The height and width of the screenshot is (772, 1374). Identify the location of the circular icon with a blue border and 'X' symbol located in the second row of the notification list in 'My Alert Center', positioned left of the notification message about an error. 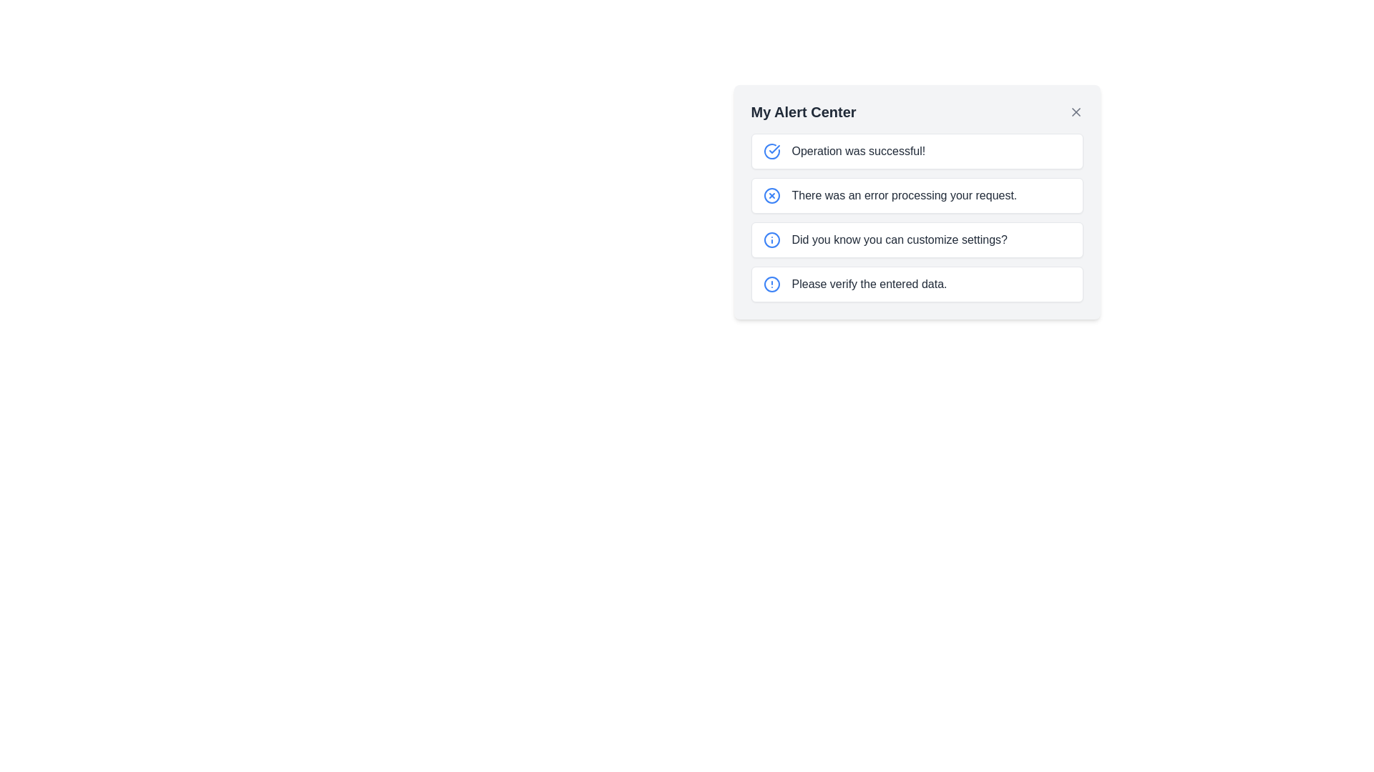
(771, 195).